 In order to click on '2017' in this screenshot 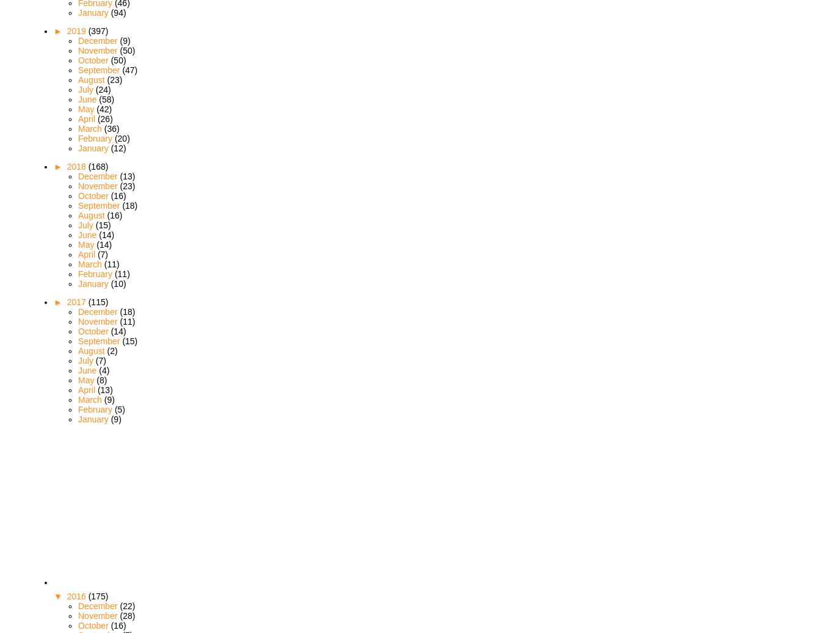, I will do `click(76, 301)`.